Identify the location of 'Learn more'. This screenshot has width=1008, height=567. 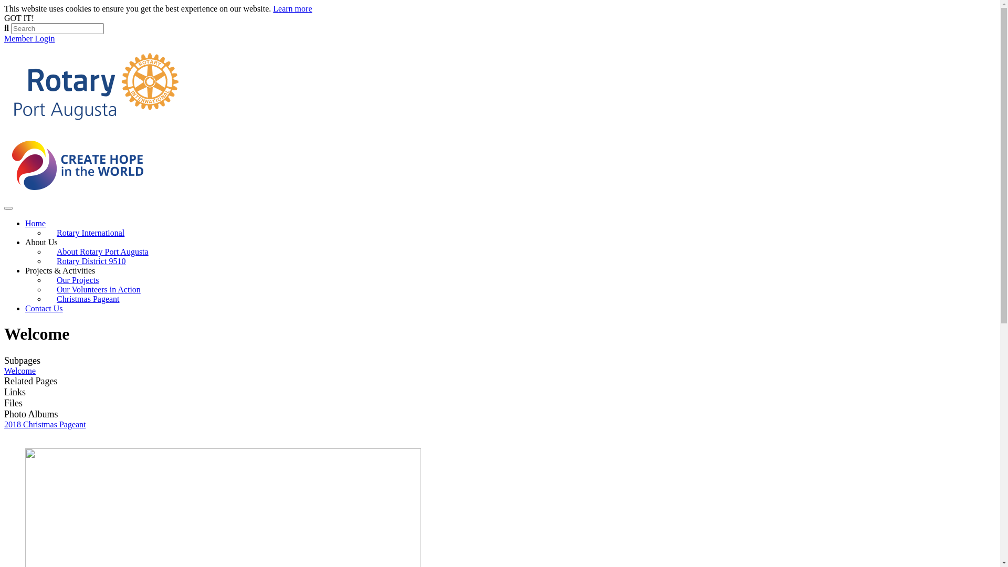
(292, 8).